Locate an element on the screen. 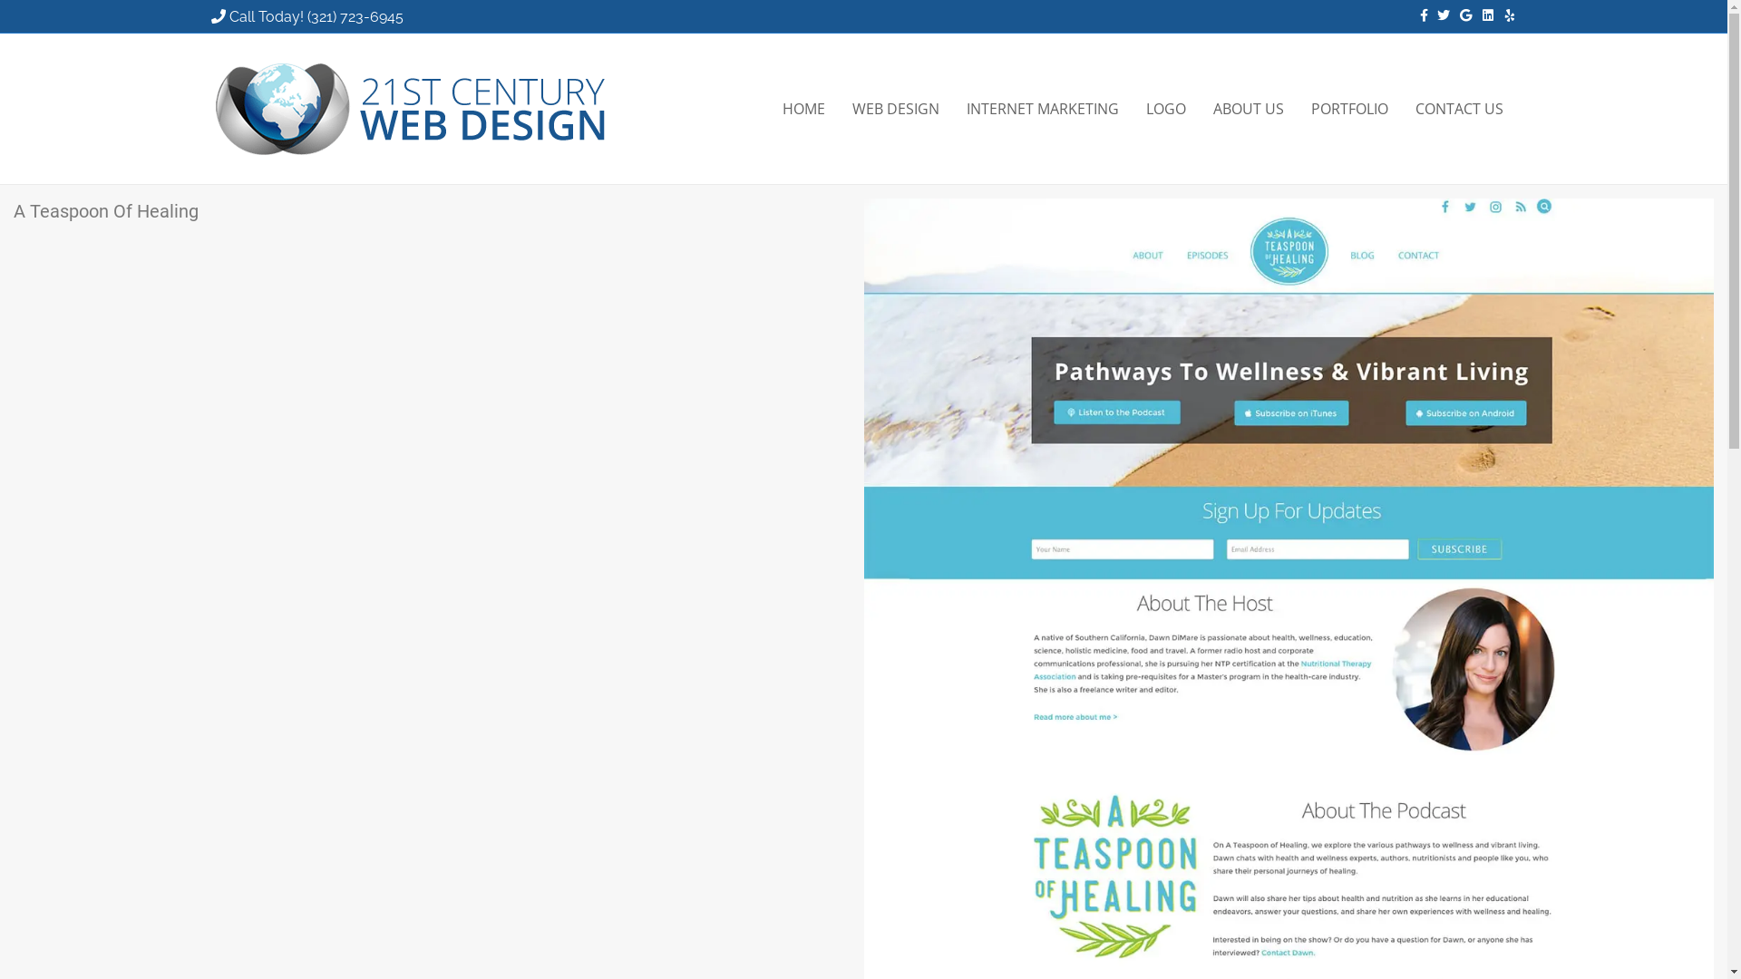 The height and width of the screenshot is (979, 1741). 'Yelp' is located at coordinates (1503, 14).